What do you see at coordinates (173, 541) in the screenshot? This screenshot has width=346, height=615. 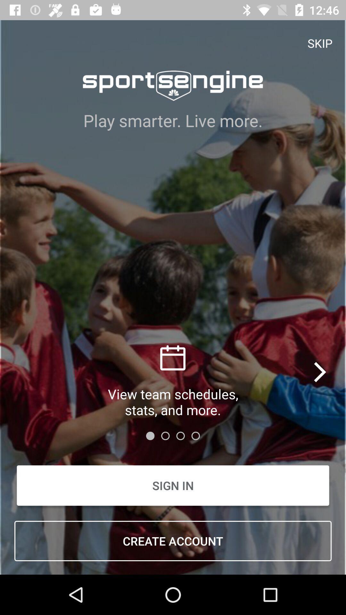 I see `create account item` at bounding box center [173, 541].